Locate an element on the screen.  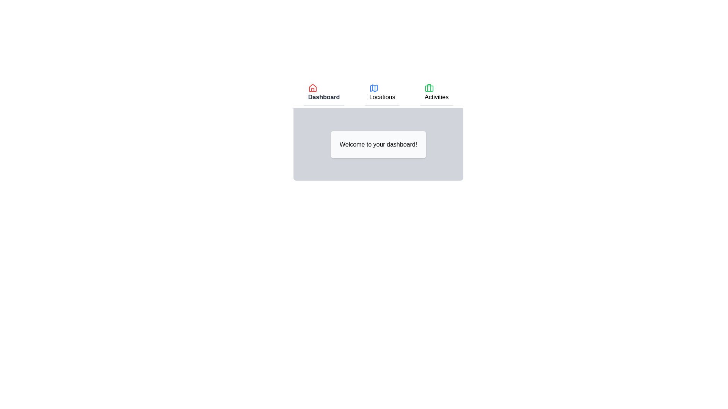
the Dashboard tab to view its content is located at coordinates (324, 93).